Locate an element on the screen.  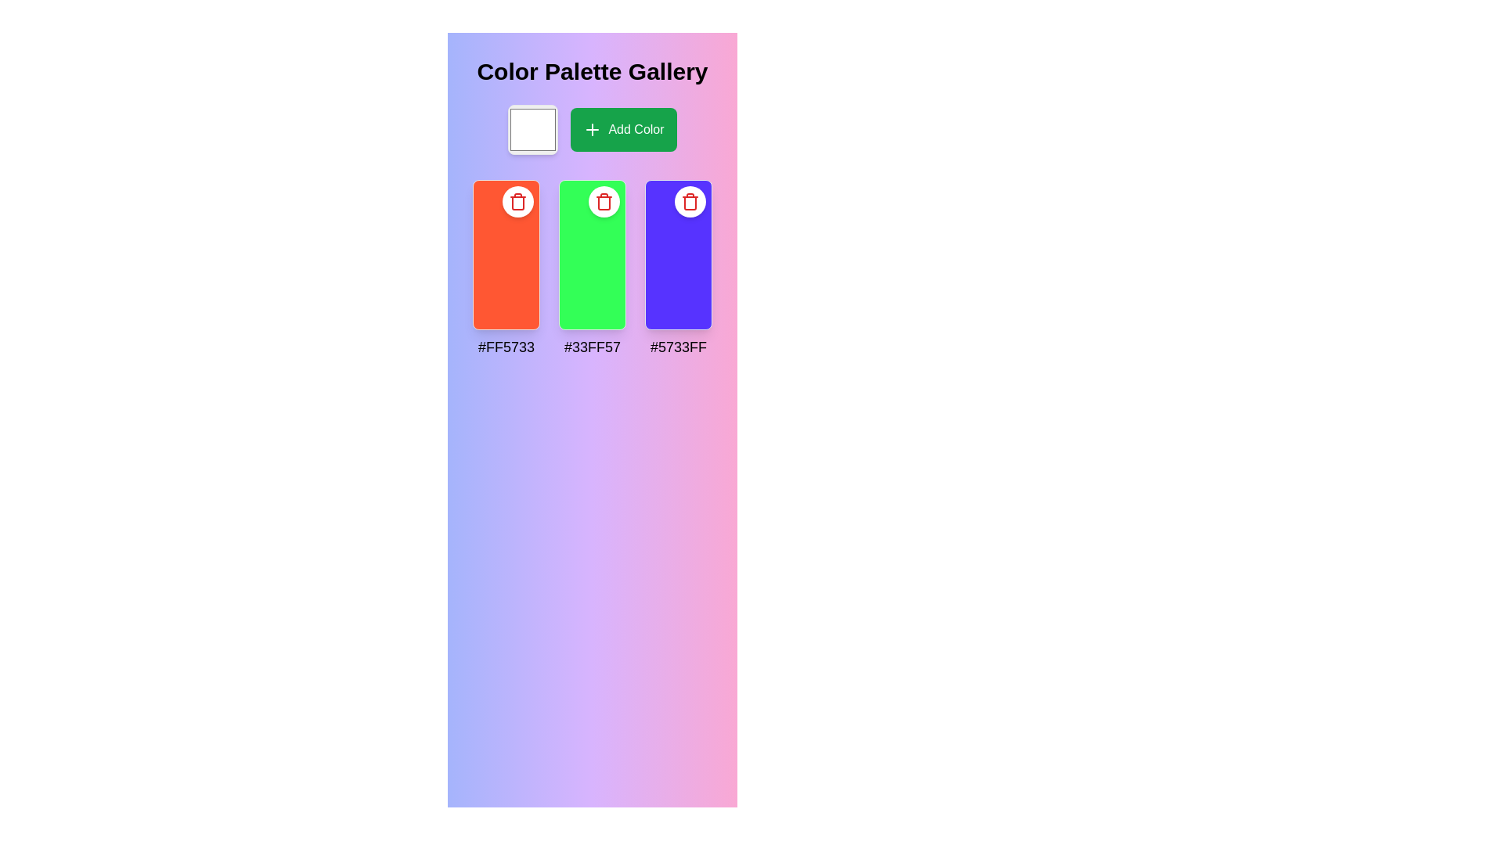
the plus icon within the 'Add Color' button, which is represented by a green button containing a plus symbol and the label 'Add Color' is located at coordinates (592, 128).